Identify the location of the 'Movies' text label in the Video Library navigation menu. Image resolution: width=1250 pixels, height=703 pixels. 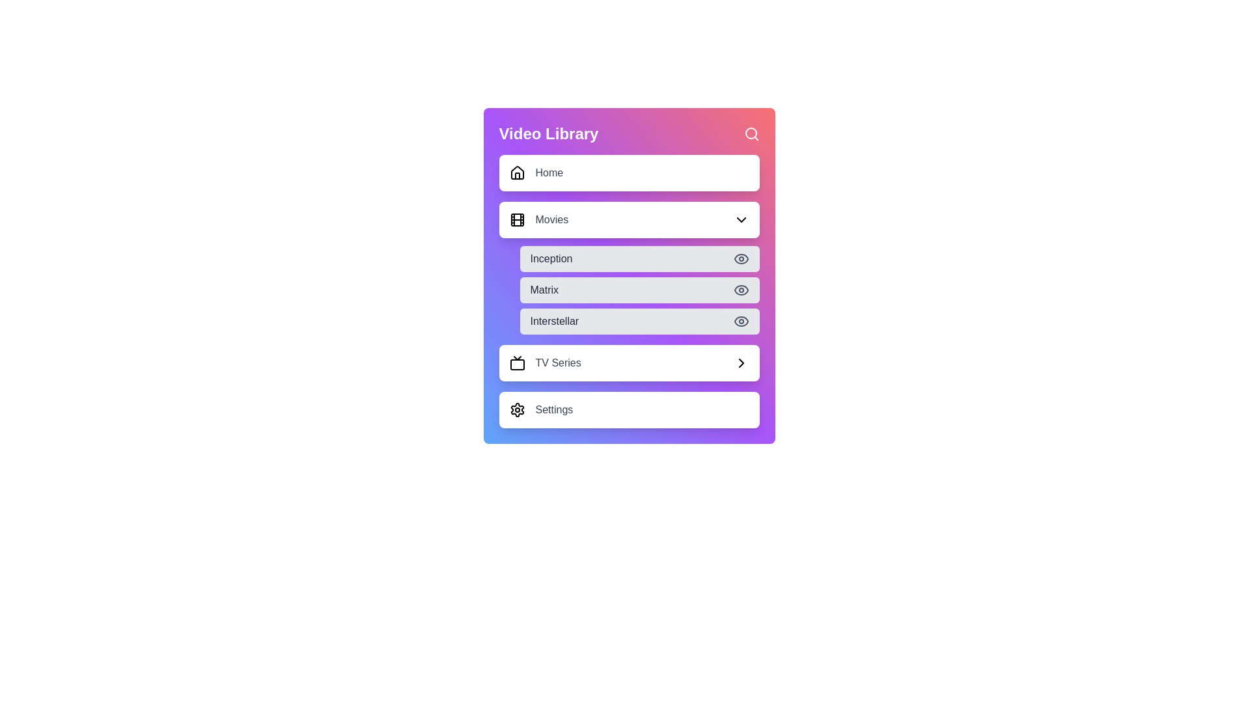
(551, 219).